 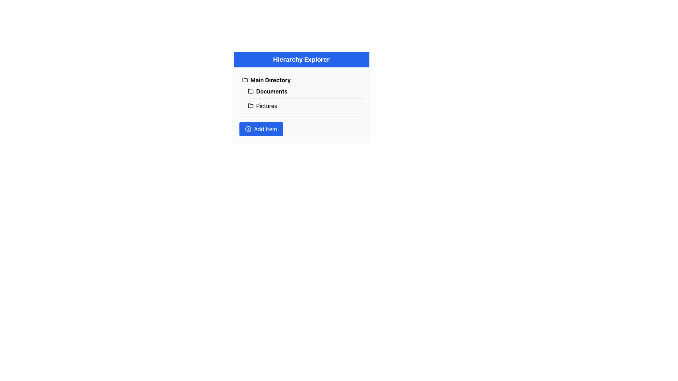 What do you see at coordinates (304, 91) in the screenshot?
I see `the 'Documents' list item` at bounding box center [304, 91].